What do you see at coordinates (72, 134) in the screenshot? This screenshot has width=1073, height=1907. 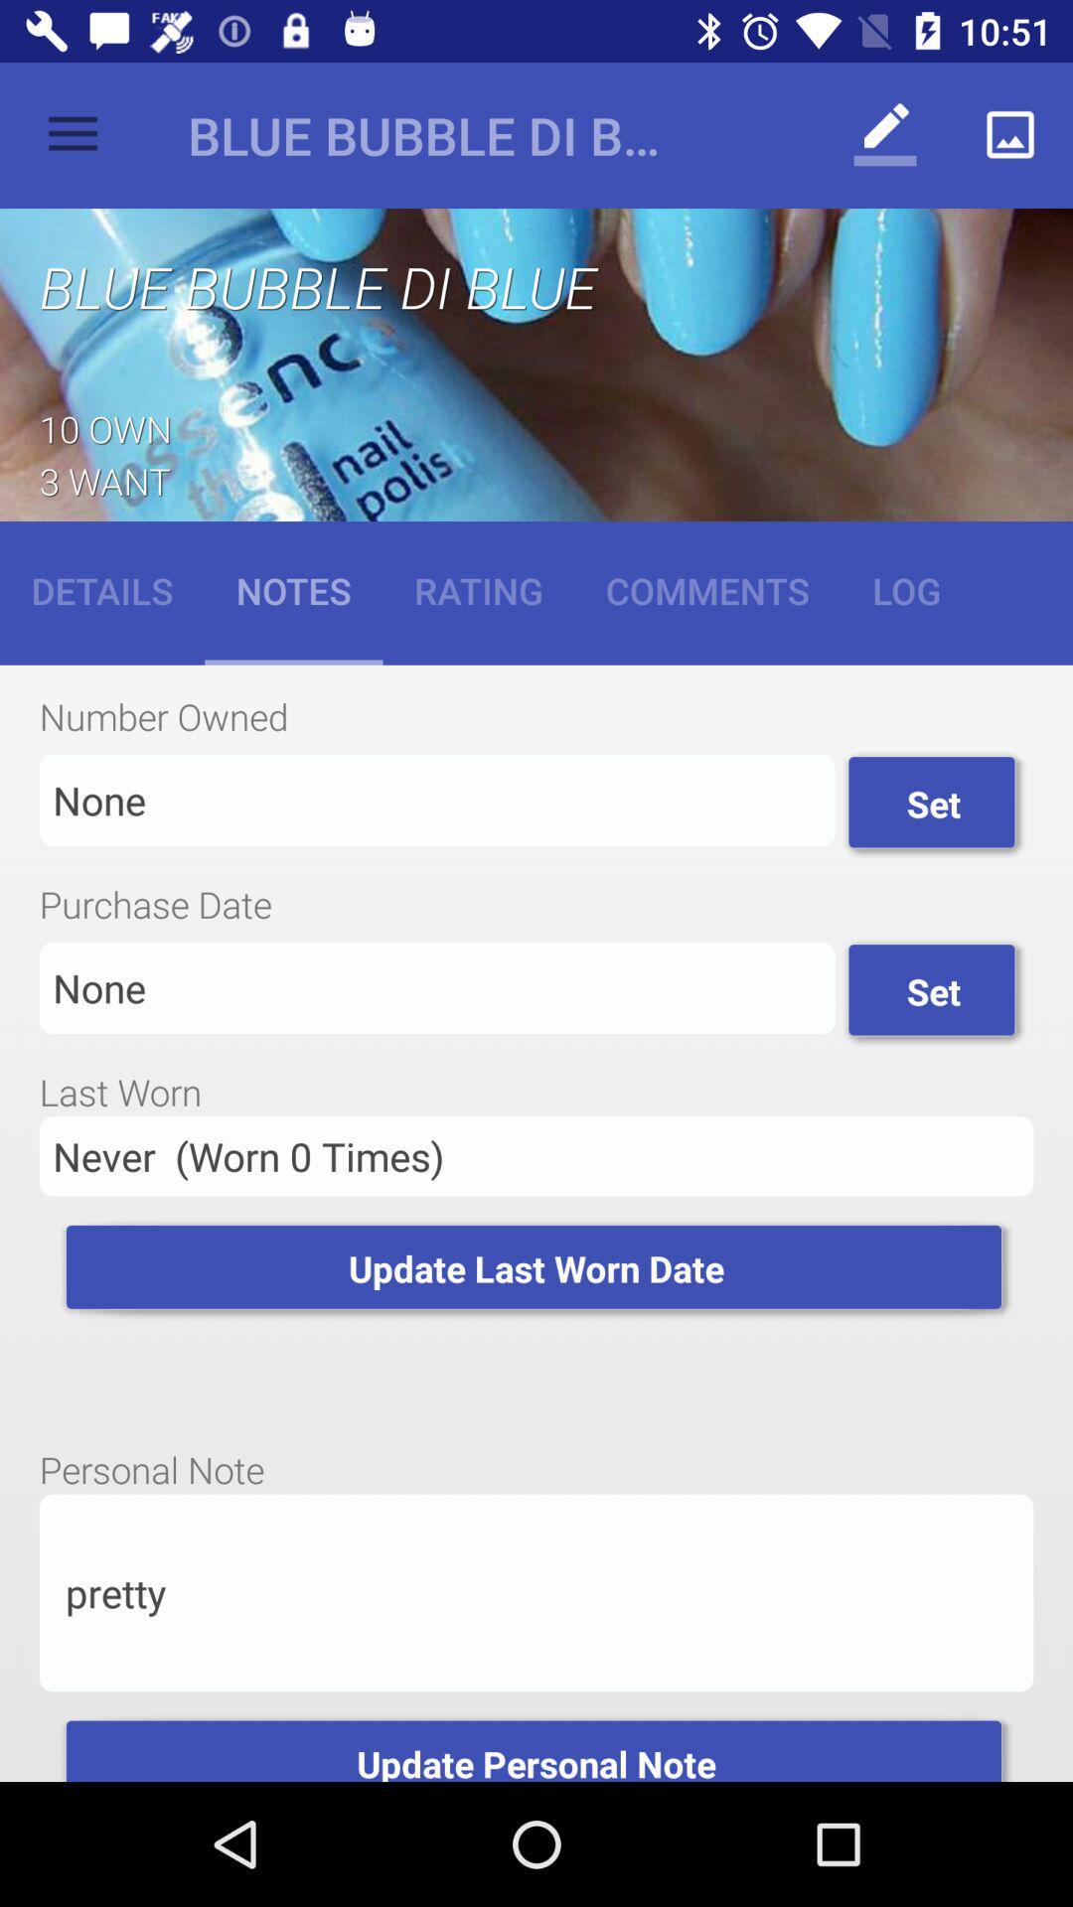 I see `the icon next to the blue bubble di icon` at bounding box center [72, 134].